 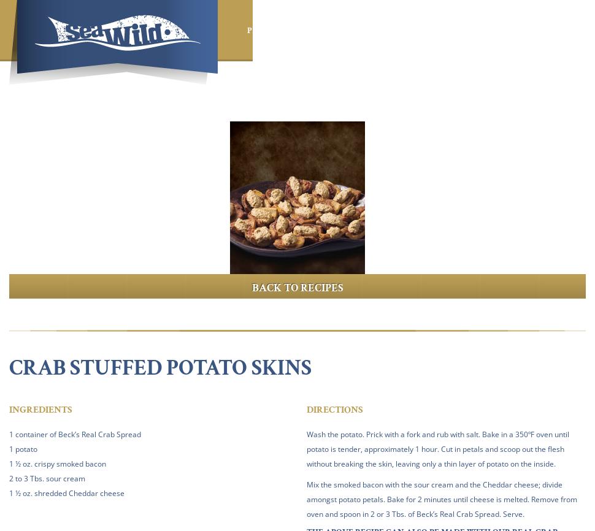 I want to click on 'Crab Stuffed Potato Skins', so click(x=159, y=368).